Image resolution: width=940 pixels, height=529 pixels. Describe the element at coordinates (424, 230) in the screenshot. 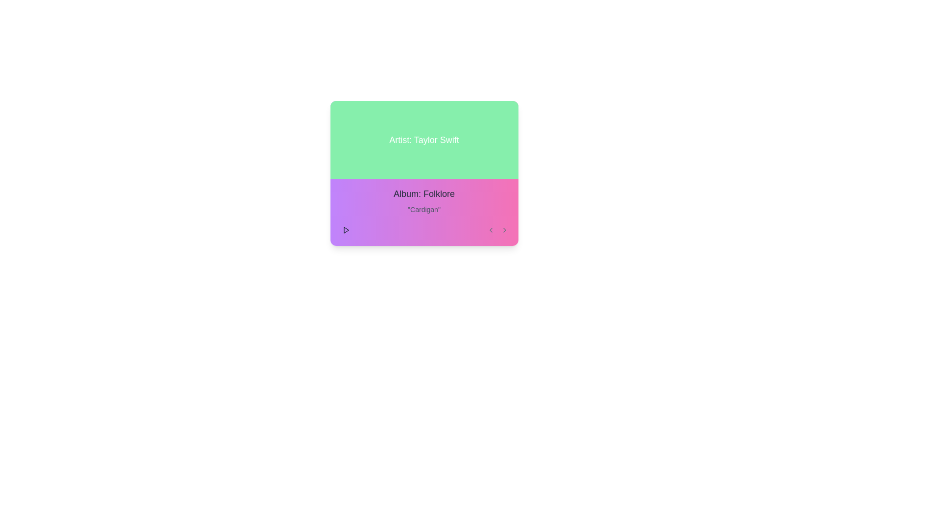

I see `the control bar at the bottom of the album details section labeled 'Album: Folklore'` at that location.